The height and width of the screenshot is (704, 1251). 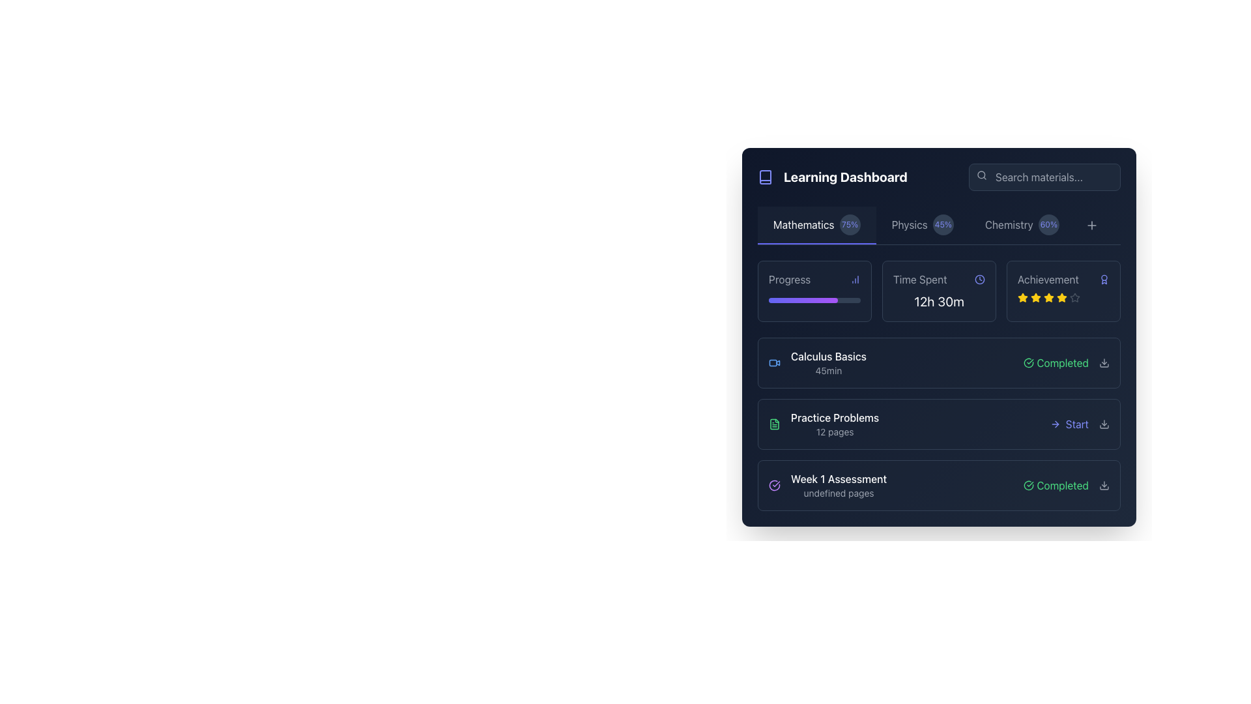 What do you see at coordinates (1048, 297) in the screenshot?
I see `the second star icon in the achievements row, which indicates an active or earned star representing a level of accomplishment` at bounding box center [1048, 297].